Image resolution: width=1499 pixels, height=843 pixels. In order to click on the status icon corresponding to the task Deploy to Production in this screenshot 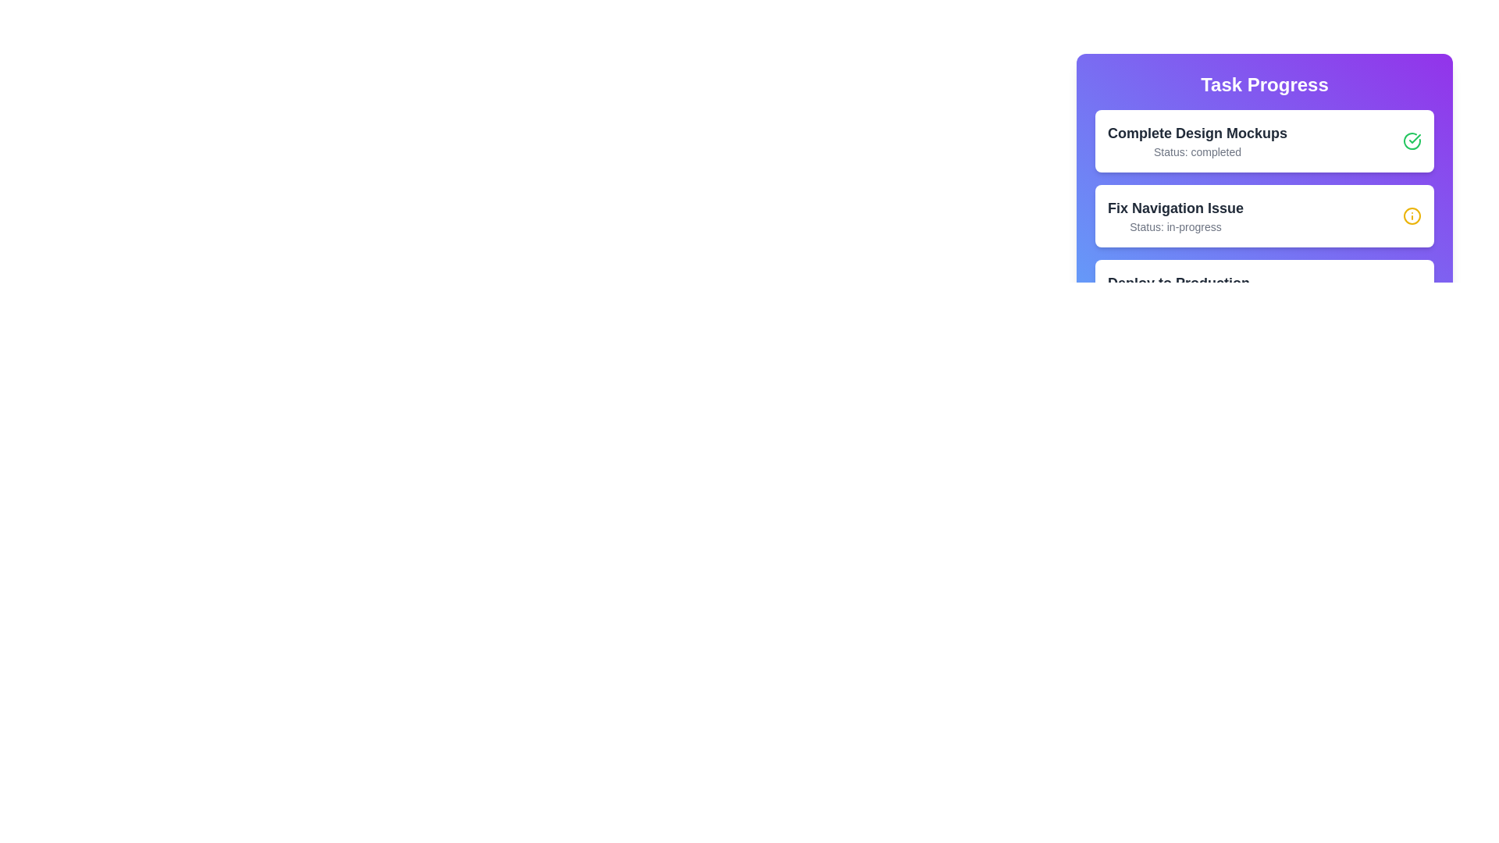, I will do `click(1412, 291)`.